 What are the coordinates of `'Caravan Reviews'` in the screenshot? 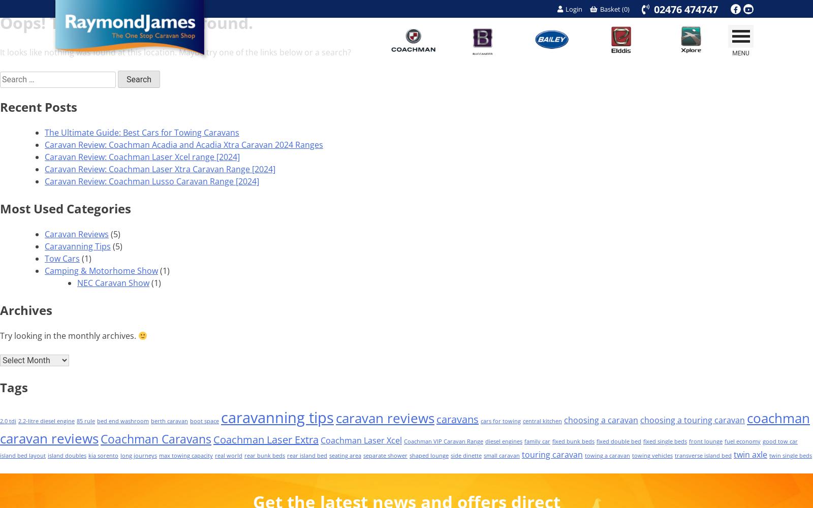 It's located at (76, 234).